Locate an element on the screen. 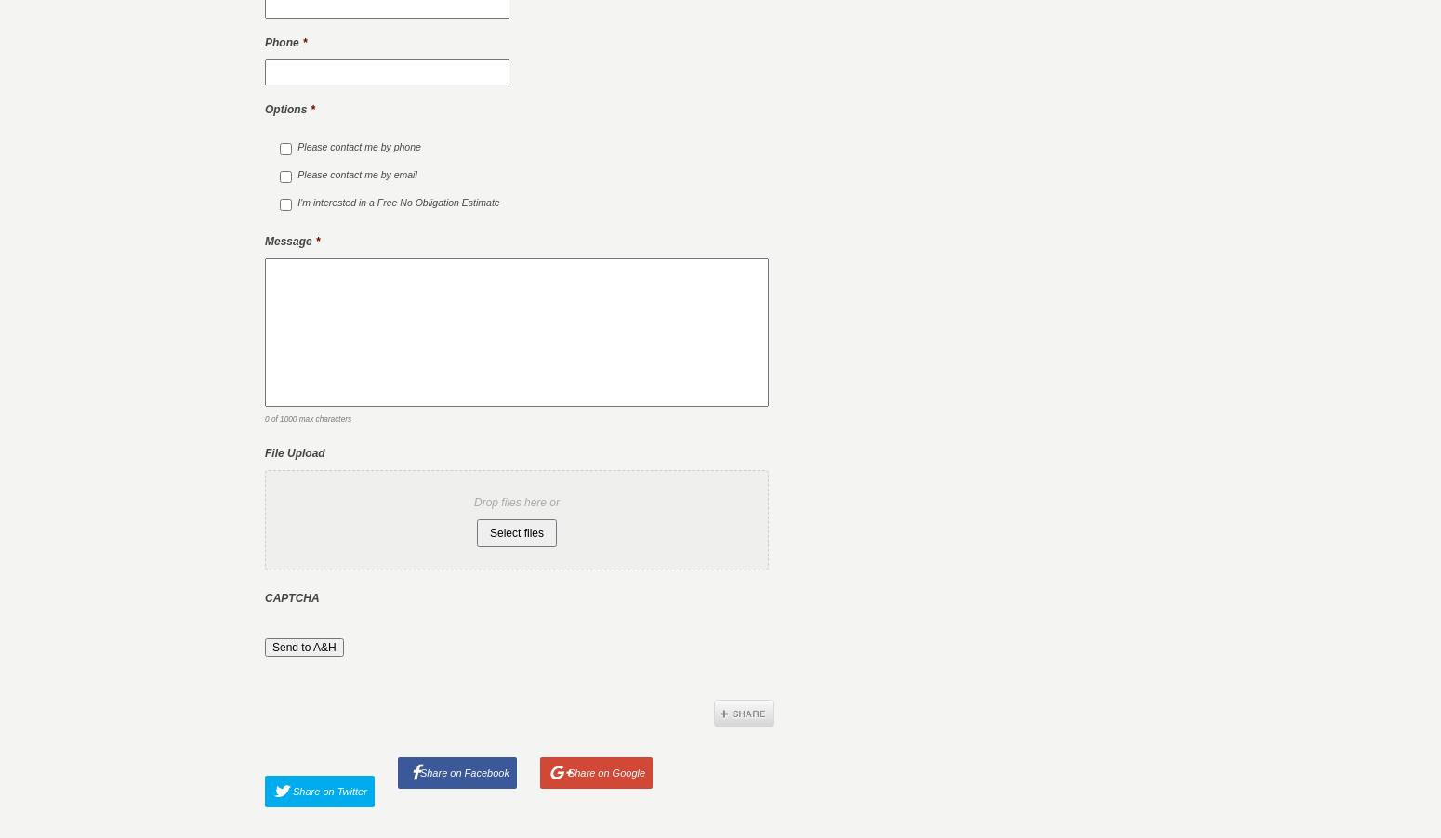  'Phone' is located at coordinates (282, 41).